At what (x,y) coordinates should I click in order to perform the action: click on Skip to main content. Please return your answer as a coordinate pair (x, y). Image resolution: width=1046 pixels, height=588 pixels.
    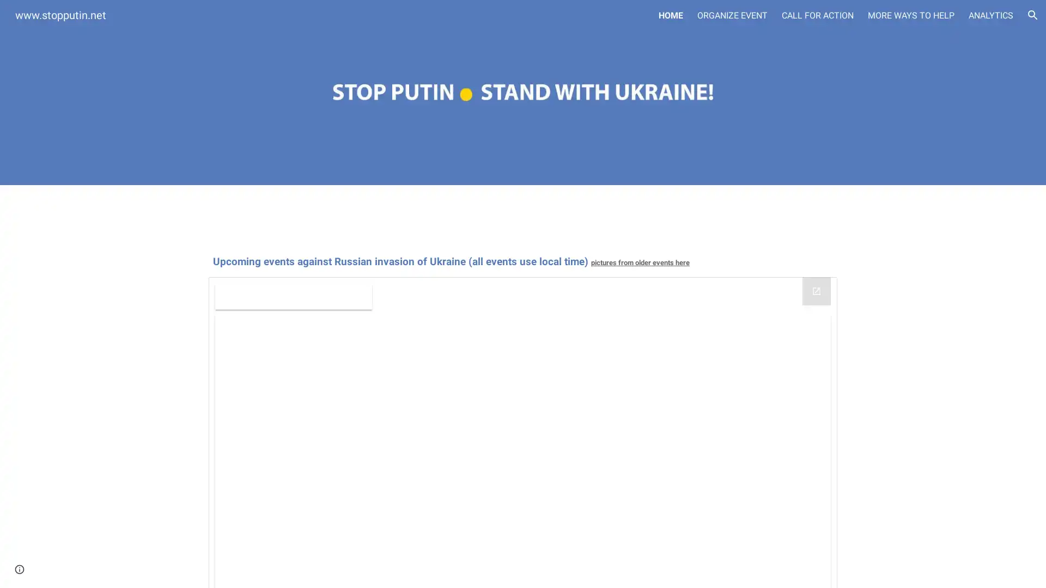
    Looking at the image, I should click on (429, 20).